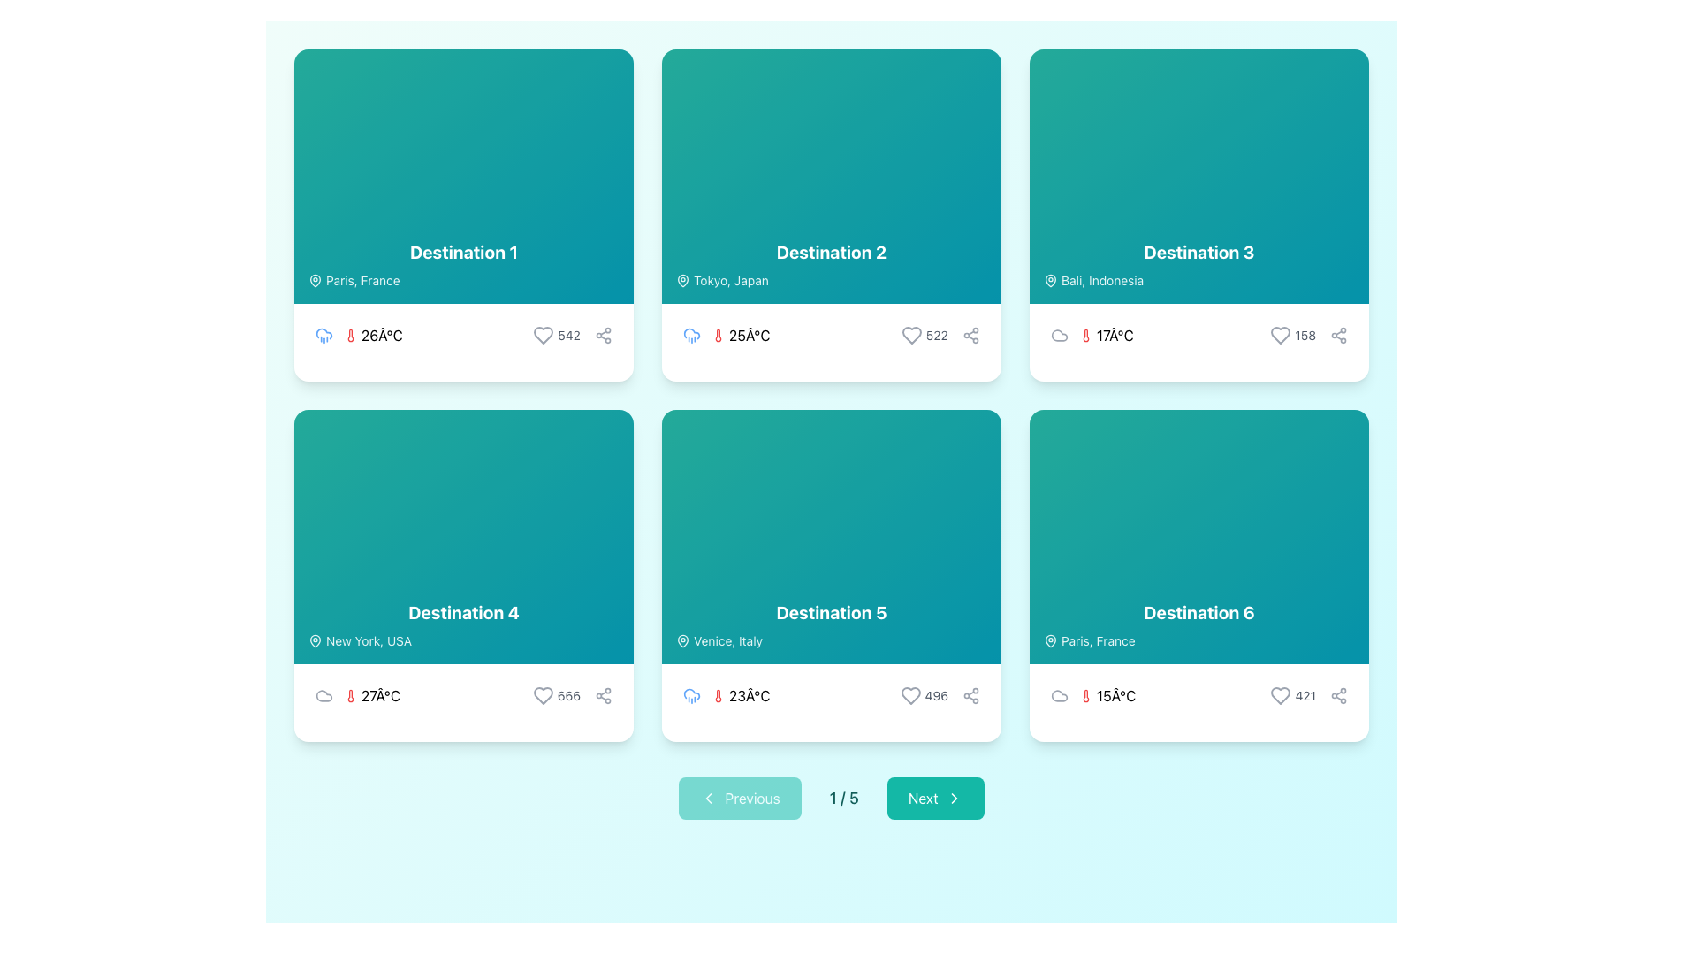 This screenshot has width=1697, height=954. What do you see at coordinates (830, 343) in the screenshot?
I see `displayed temperature and weather information from the Informational display component located in the second card labeled 'Destination 2', which shows '25°C' with associated weather icons` at bounding box center [830, 343].